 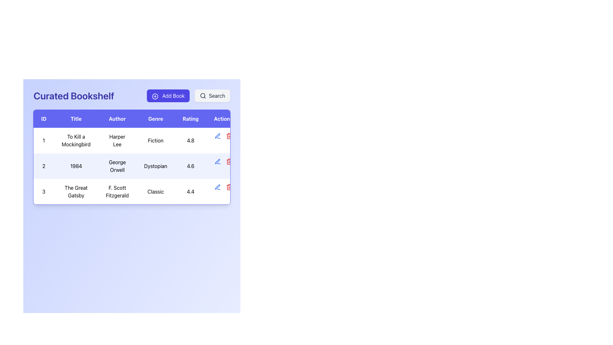 What do you see at coordinates (43, 140) in the screenshot?
I see `the Text label in the table cell that uniquely identifies the row for the book 'To Kill a Mockingbird', located in the 'ID' column` at bounding box center [43, 140].